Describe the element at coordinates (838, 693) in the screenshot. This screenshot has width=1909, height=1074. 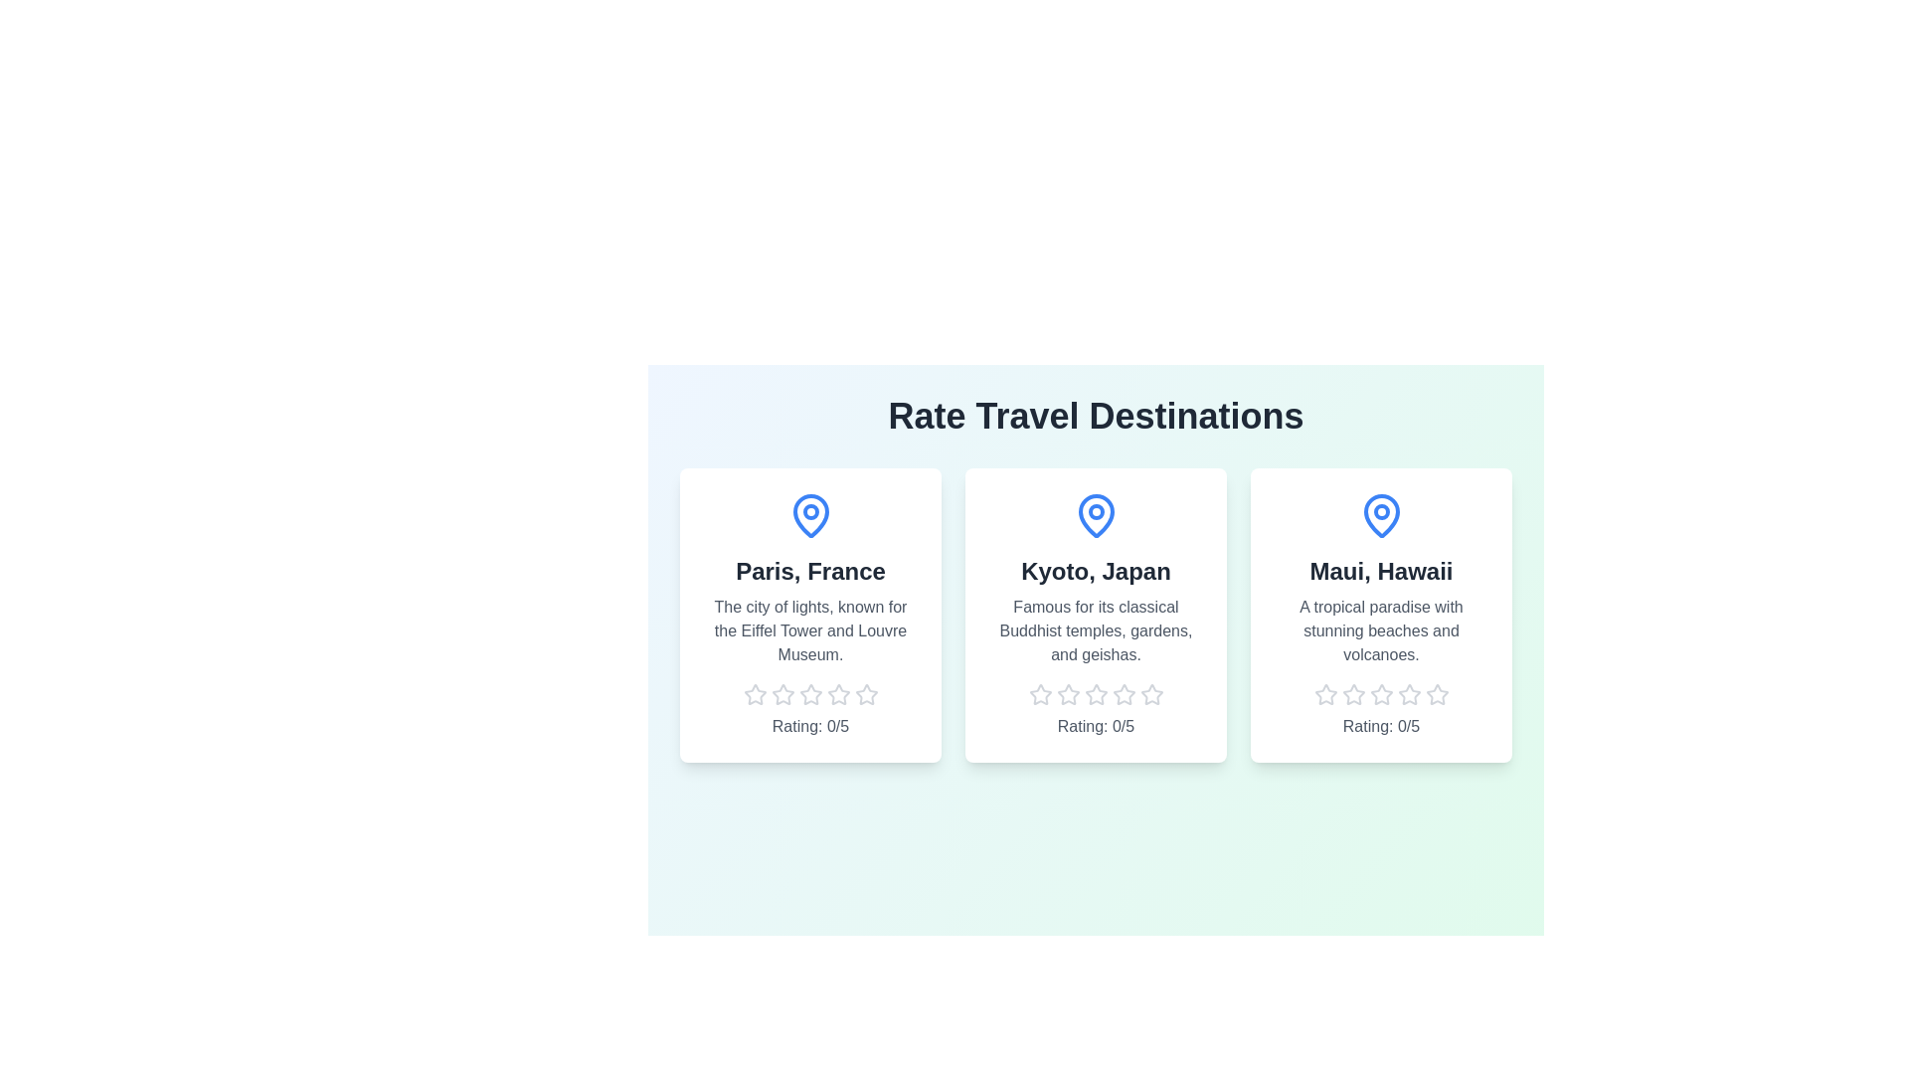
I see `the star corresponding to 4 to observe the hover effect` at that location.